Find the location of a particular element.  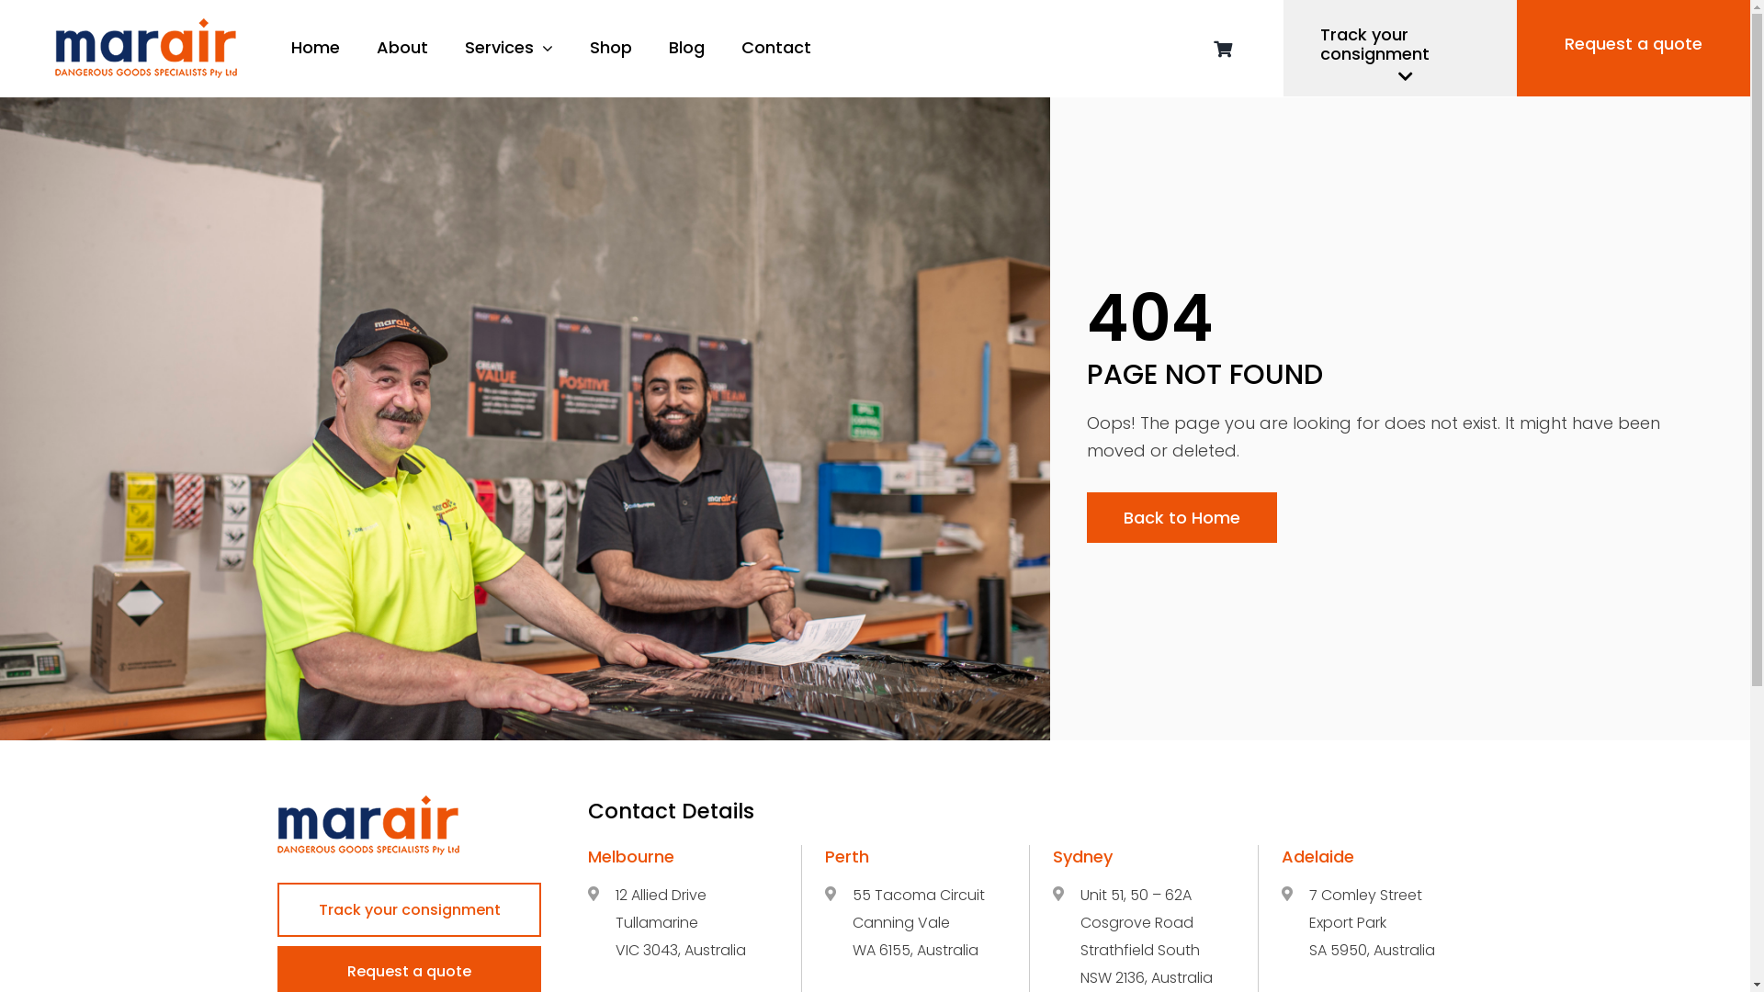

'Track your consignment' is located at coordinates (1398, 47).